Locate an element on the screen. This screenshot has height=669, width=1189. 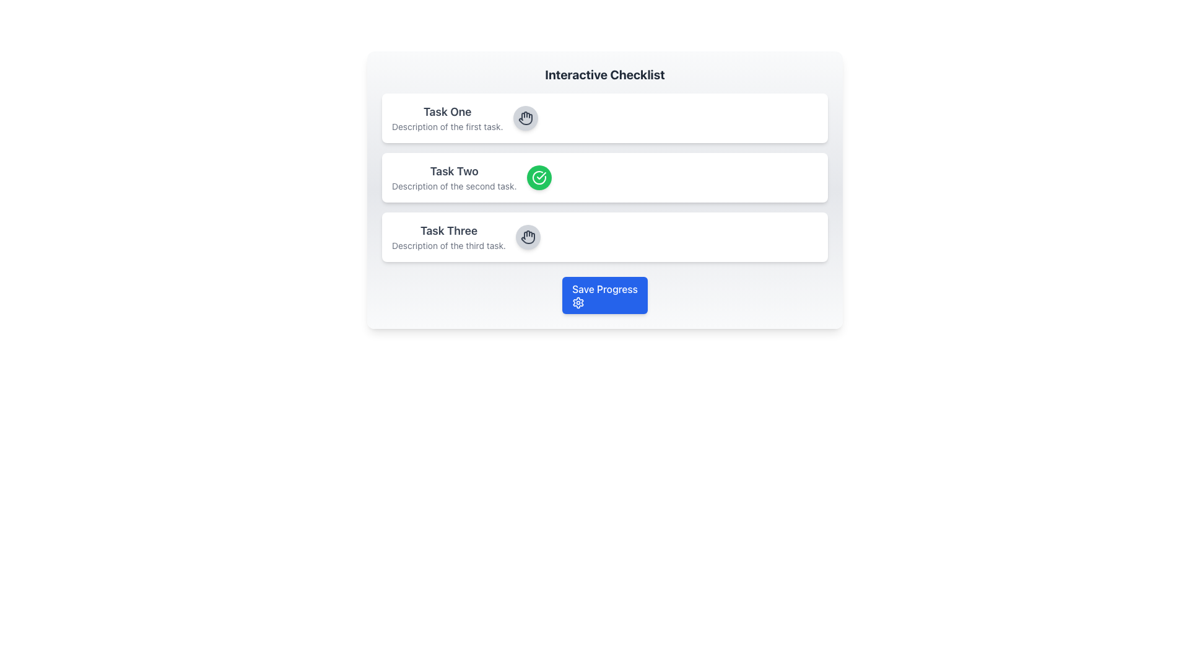
the static text label that displays additional descriptive information about 'Task Three' in the checklist, located directly below the 'Task Three' heading is located at coordinates (448, 246).